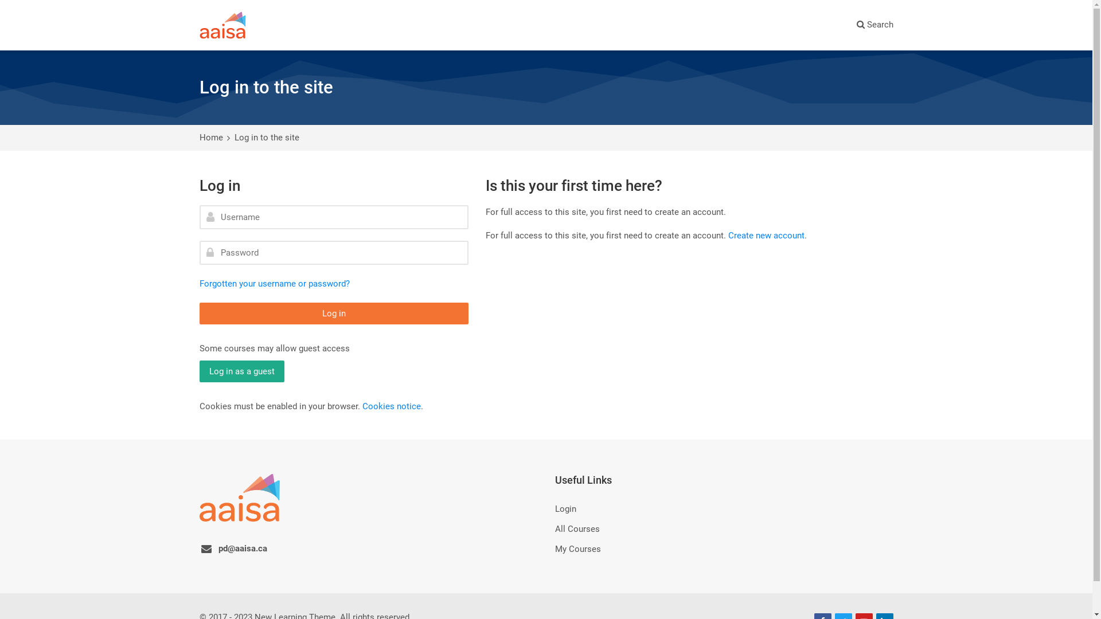  Describe the element at coordinates (362, 406) in the screenshot. I see `'Cookies notice'` at that location.